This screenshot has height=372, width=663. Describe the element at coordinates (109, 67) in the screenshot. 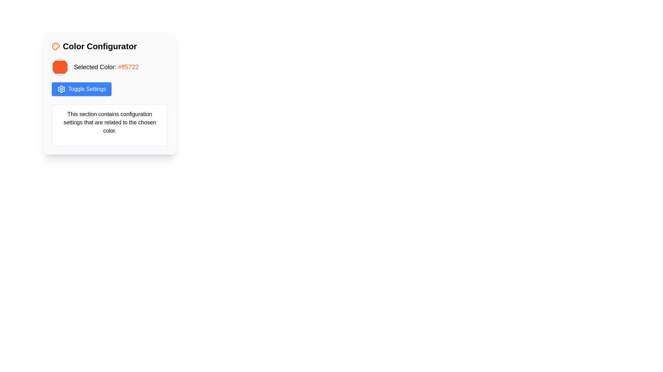

I see `the Descriptive Display Component that shows the selected color '#ff5722' with a circular color swatch on the left, located below the 'Color Configurator' heading` at that location.